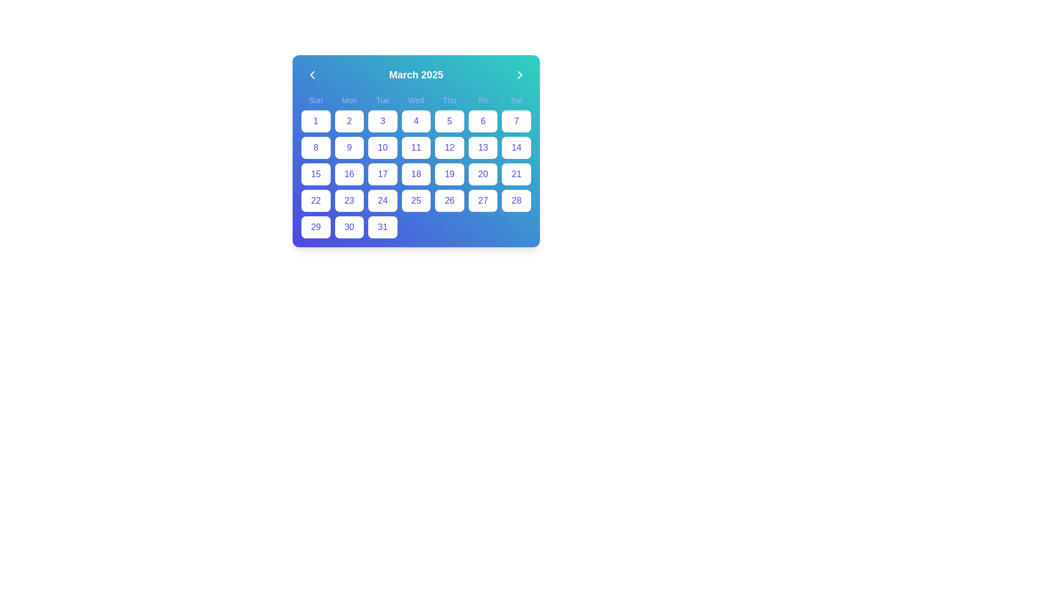 This screenshot has height=596, width=1060. Describe the element at coordinates (315, 174) in the screenshot. I see `the selectable day button representing the 15th day of the month in the calendar interface to trigger the hover effect` at that location.